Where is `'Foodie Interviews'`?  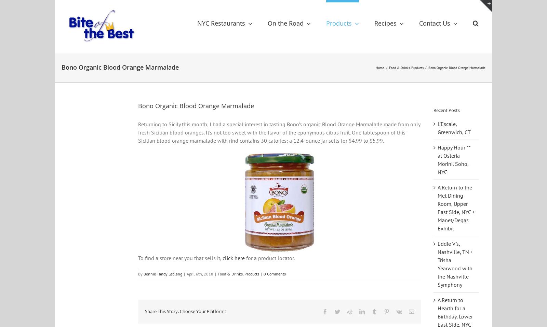 'Foodie Interviews' is located at coordinates (286, 106).